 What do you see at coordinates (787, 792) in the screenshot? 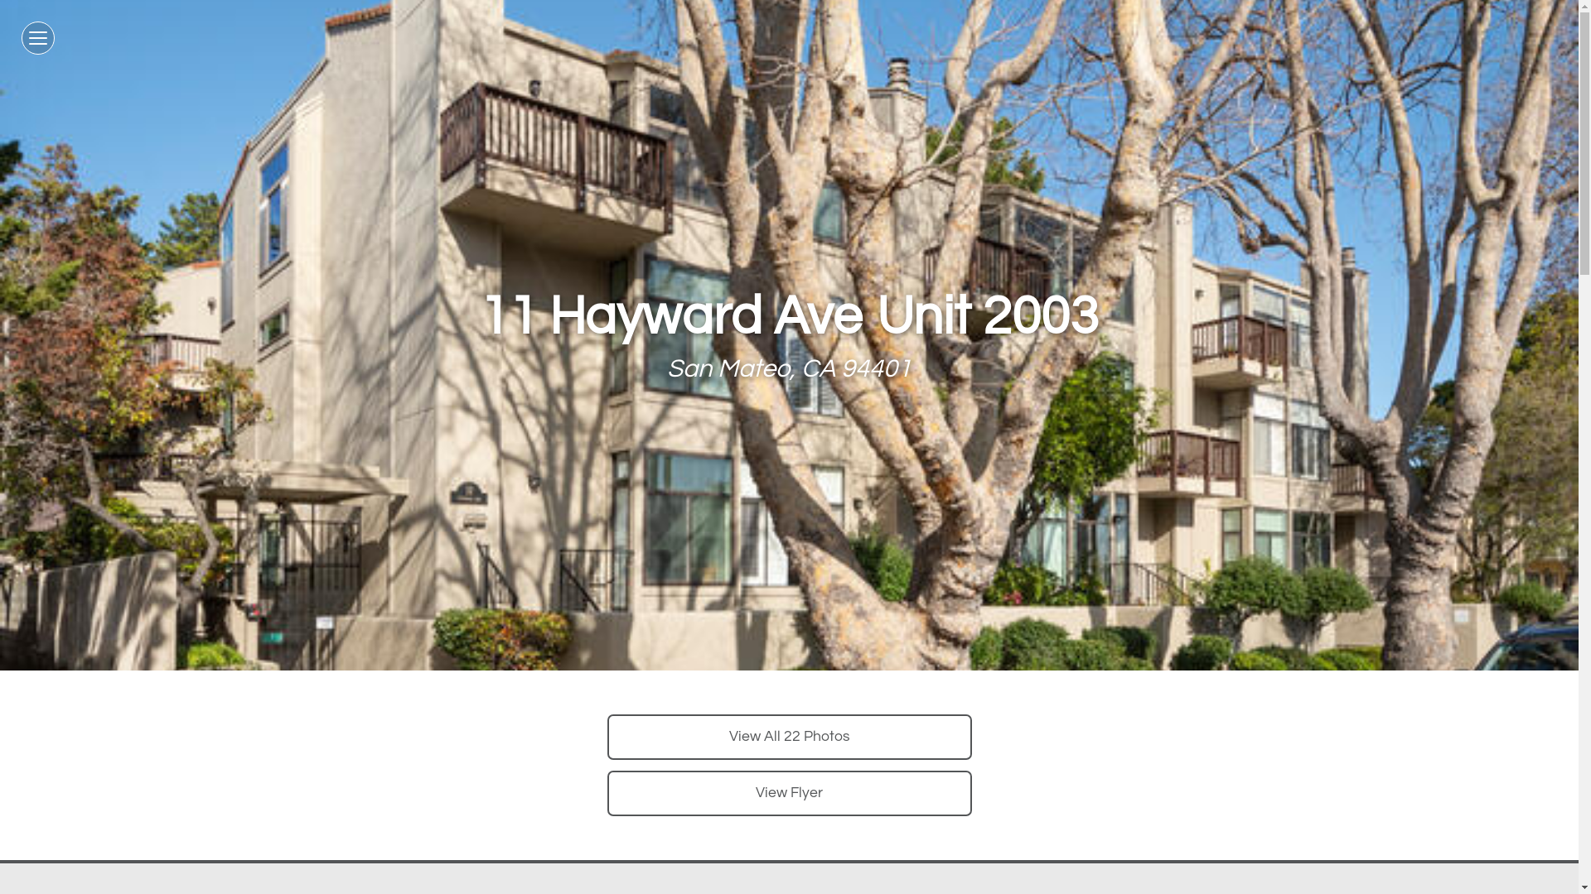
I see `'View Flyer'` at bounding box center [787, 792].